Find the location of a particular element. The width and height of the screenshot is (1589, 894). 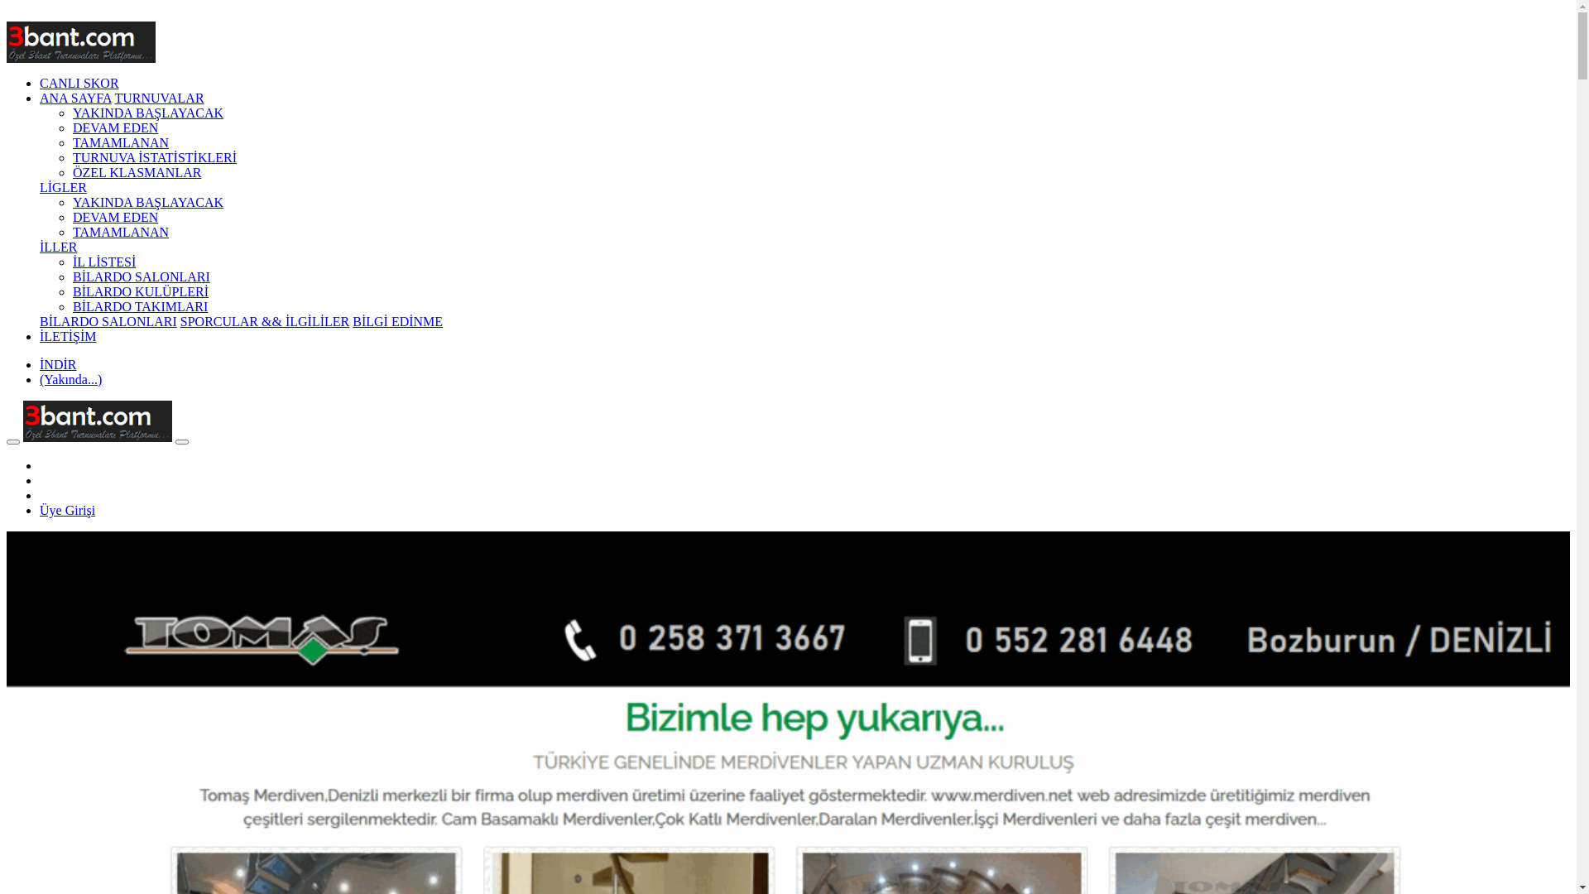

'DEVAM EDEN' is located at coordinates (114, 216).